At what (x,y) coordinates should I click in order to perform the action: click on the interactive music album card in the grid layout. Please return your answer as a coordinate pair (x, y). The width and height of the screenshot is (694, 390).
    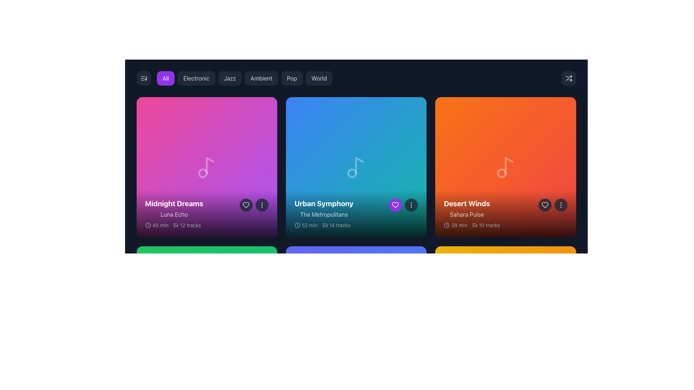
    Looking at the image, I should click on (505, 167).